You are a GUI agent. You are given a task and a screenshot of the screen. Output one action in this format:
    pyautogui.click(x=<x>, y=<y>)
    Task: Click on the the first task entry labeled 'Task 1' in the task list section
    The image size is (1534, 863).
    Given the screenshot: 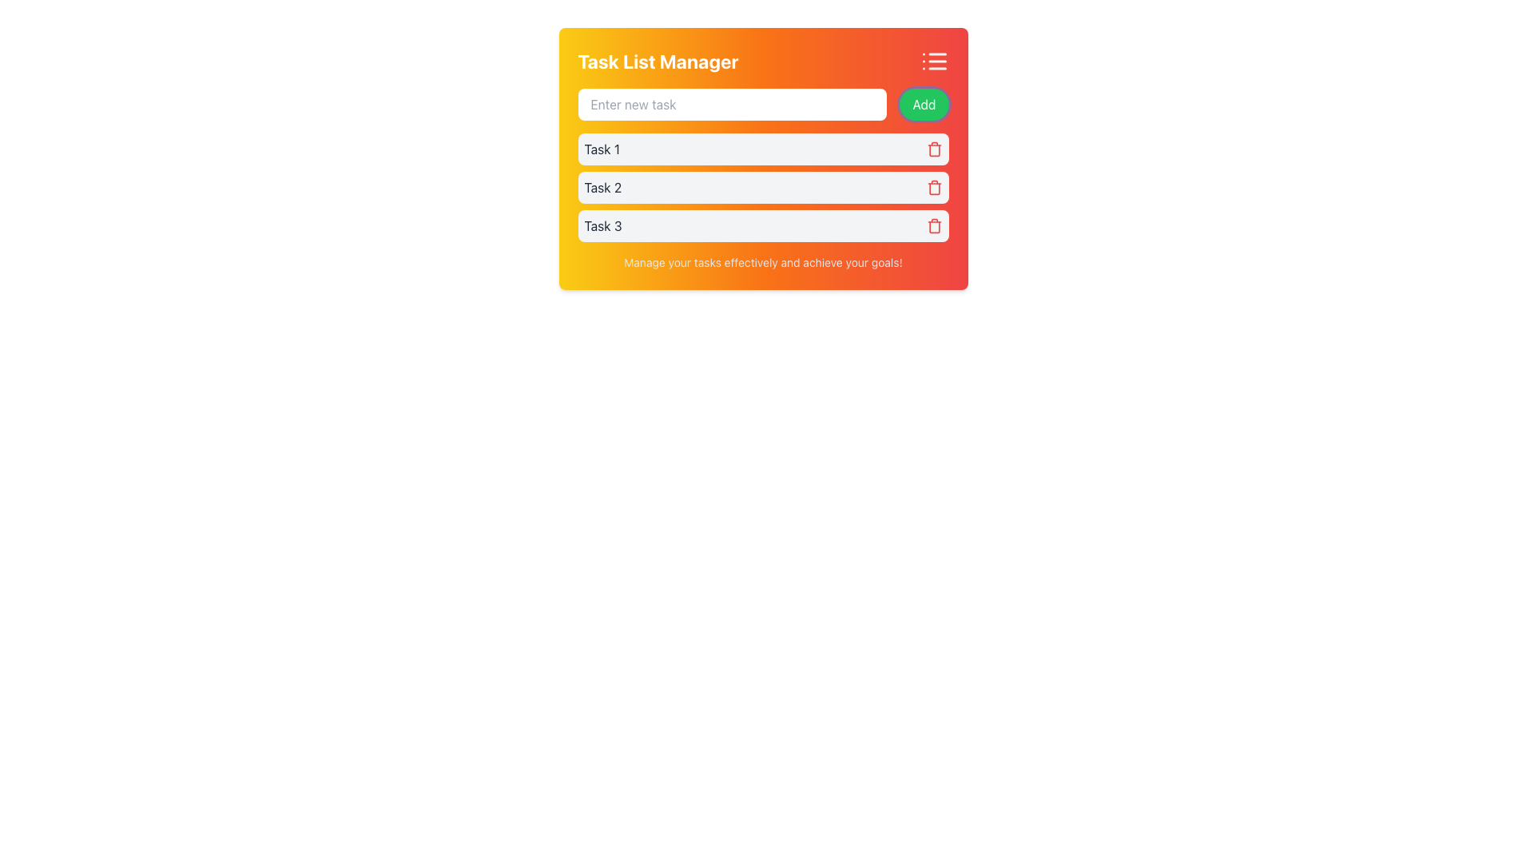 What is the action you would take?
    pyautogui.click(x=762, y=165)
    